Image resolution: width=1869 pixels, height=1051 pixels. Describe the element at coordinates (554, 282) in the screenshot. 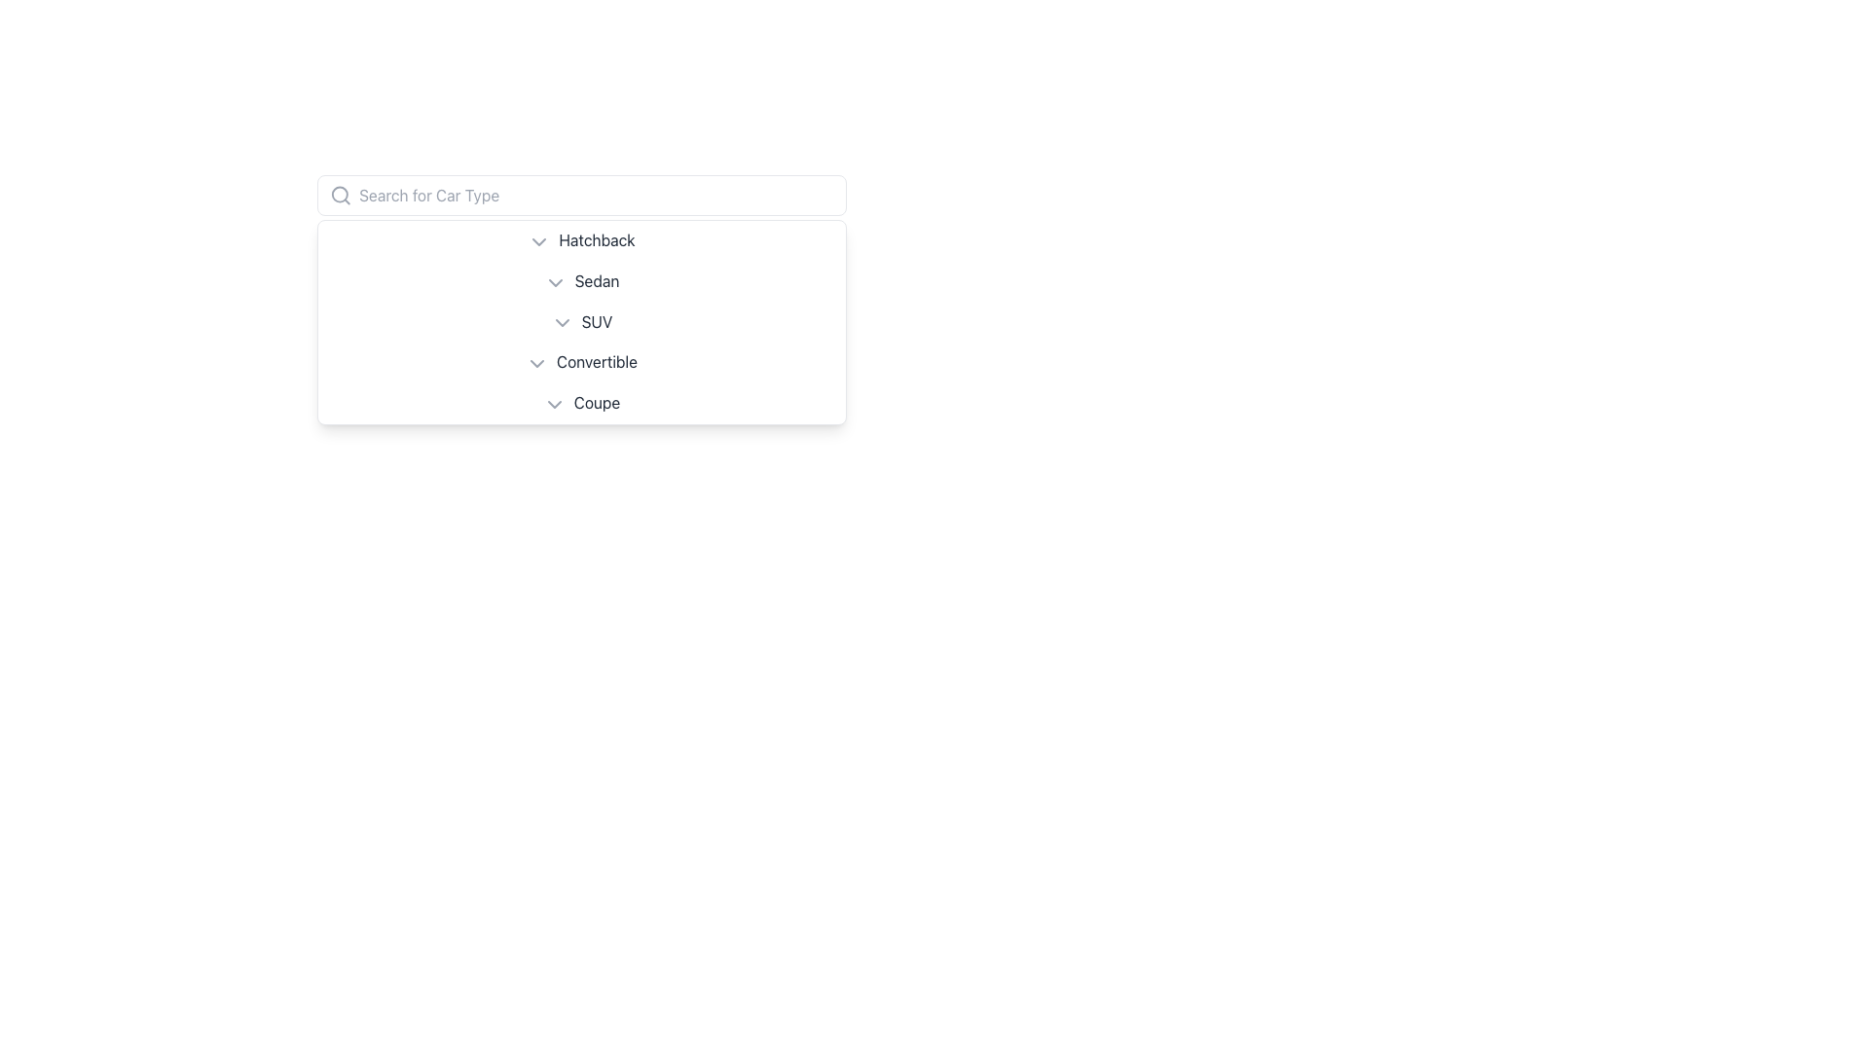

I see `the chevron-down icon located to the immediate left of the text 'Sedan' in the dropdown menu` at that location.